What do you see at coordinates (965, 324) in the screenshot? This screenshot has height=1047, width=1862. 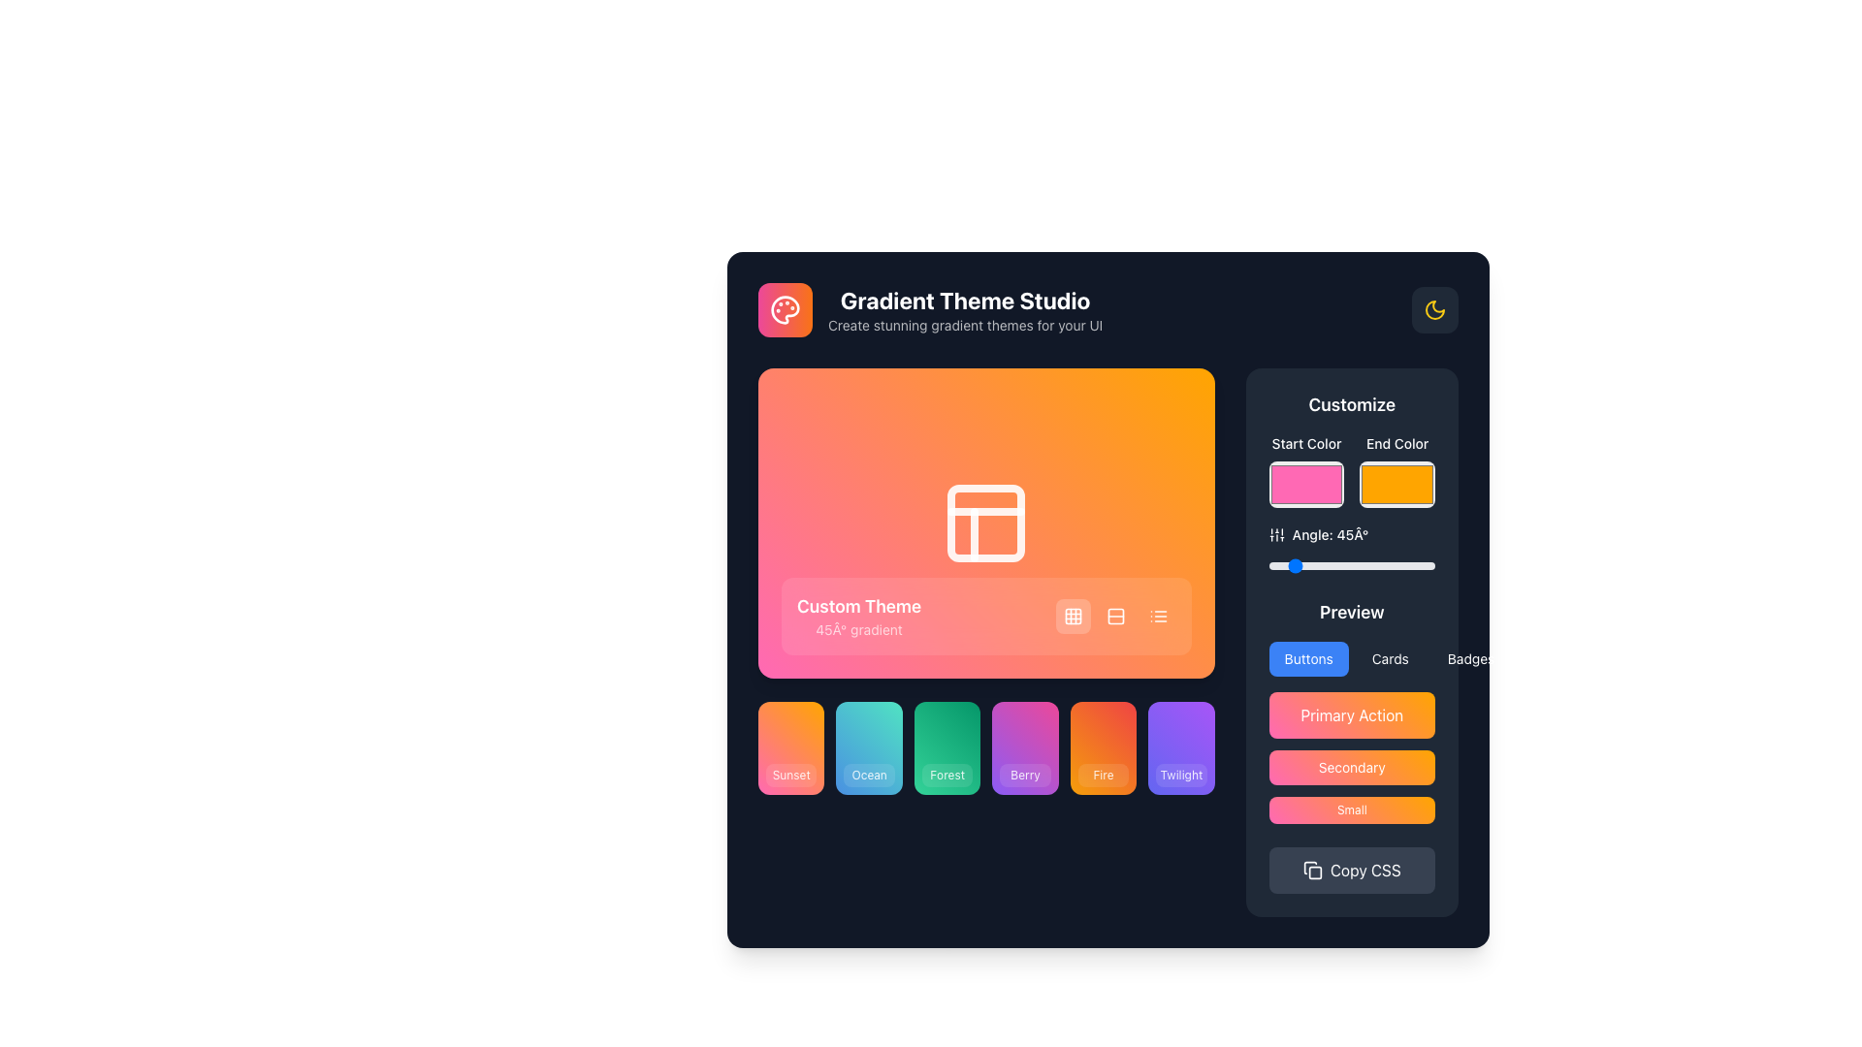 I see `text that appears just beneath the title 'Gradient Theme Studio', which is styled in a smaller, semi-transparent font and reads 'Create stunning gradient themes for your UI'` at bounding box center [965, 324].